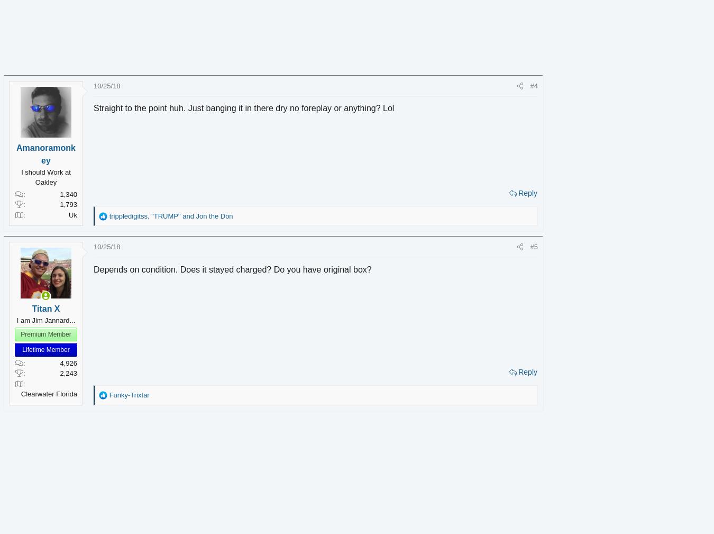 The image size is (714, 534). What do you see at coordinates (64, 394) in the screenshot?
I see `'Clearwater Florida'` at bounding box center [64, 394].